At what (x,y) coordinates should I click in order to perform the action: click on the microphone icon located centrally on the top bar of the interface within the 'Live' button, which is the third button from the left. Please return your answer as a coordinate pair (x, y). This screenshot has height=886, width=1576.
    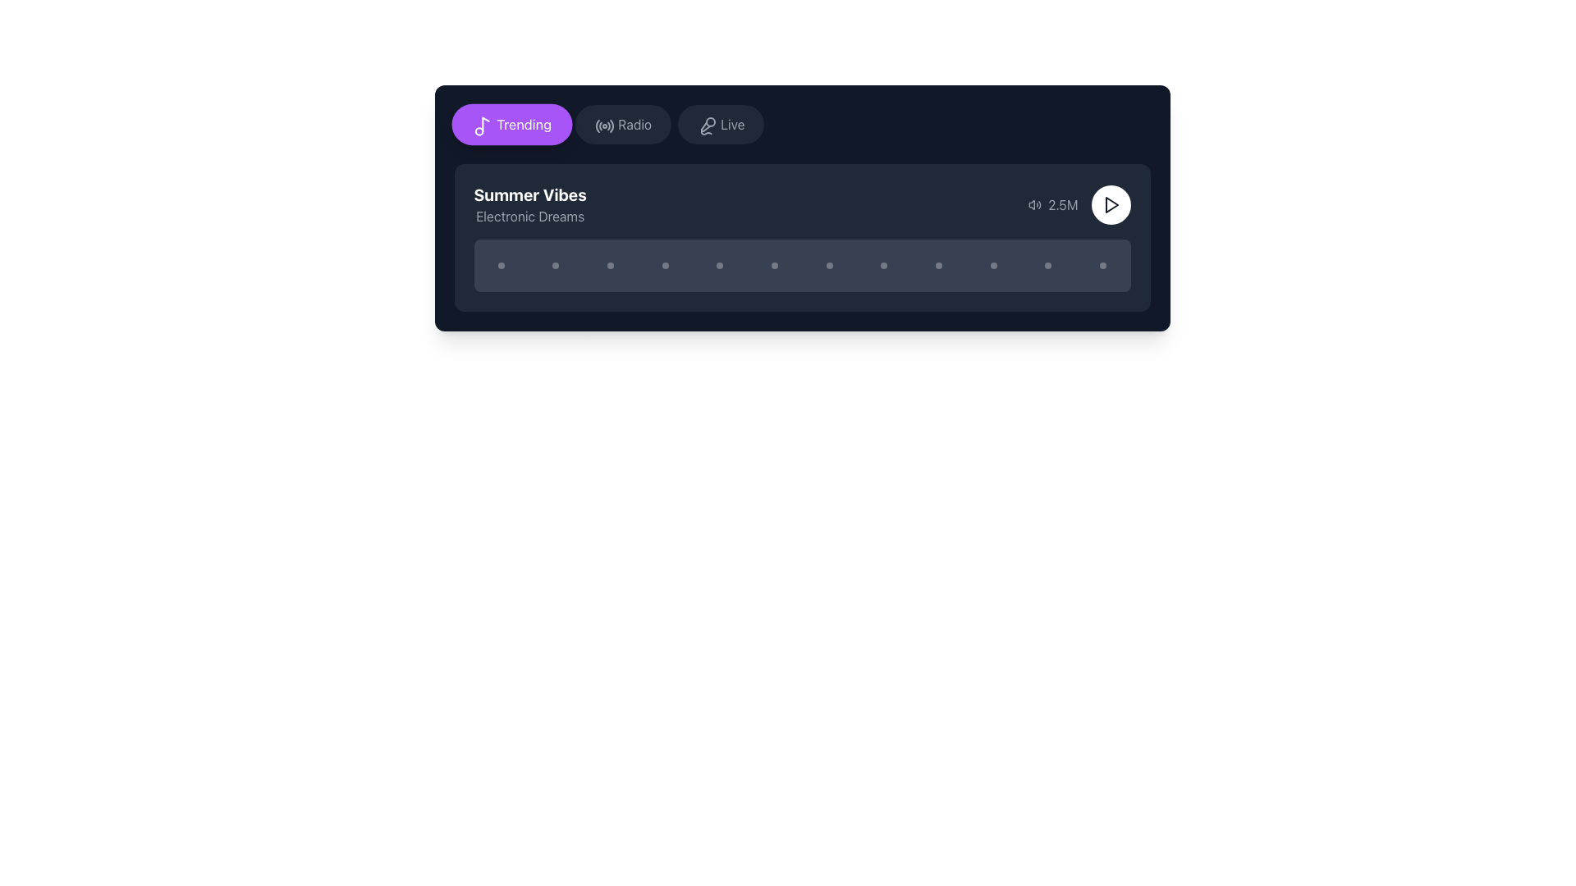
    Looking at the image, I should click on (708, 126).